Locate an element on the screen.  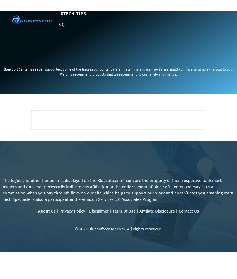
'Accessories' is located at coordinates (201, 8).